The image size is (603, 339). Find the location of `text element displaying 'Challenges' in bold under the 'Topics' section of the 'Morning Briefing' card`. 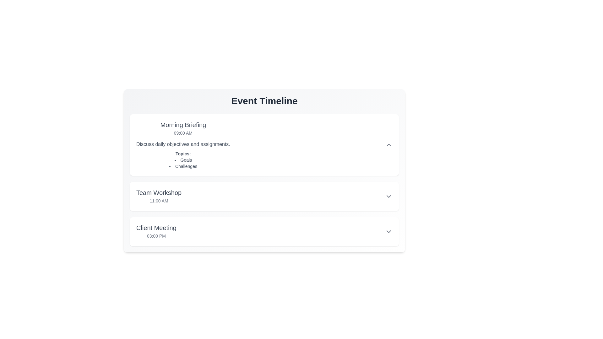

text element displaying 'Challenges' in bold under the 'Topics' section of the 'Morning Briefing' card is located at coordinates (183, 166).